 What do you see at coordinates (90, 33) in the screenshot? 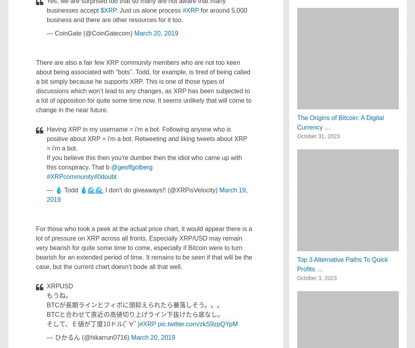
I see `'— CoinGate (@CoinGatecom)'` at bounding box center [90, 33].